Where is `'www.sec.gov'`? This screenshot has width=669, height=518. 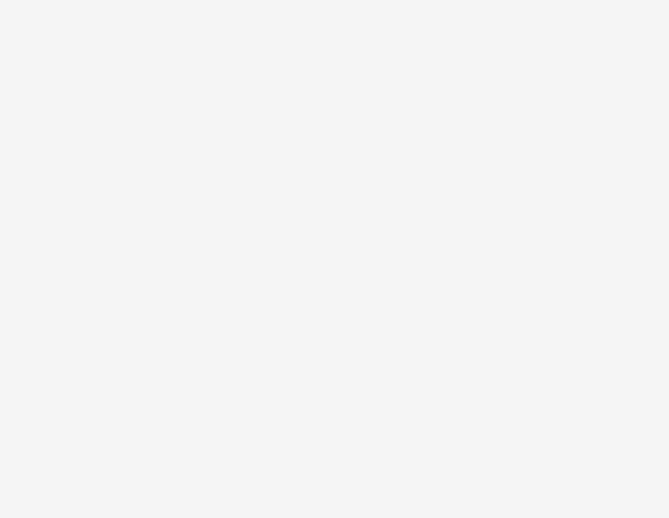
'www.sec.gov' is located at coordinates (191, 76).